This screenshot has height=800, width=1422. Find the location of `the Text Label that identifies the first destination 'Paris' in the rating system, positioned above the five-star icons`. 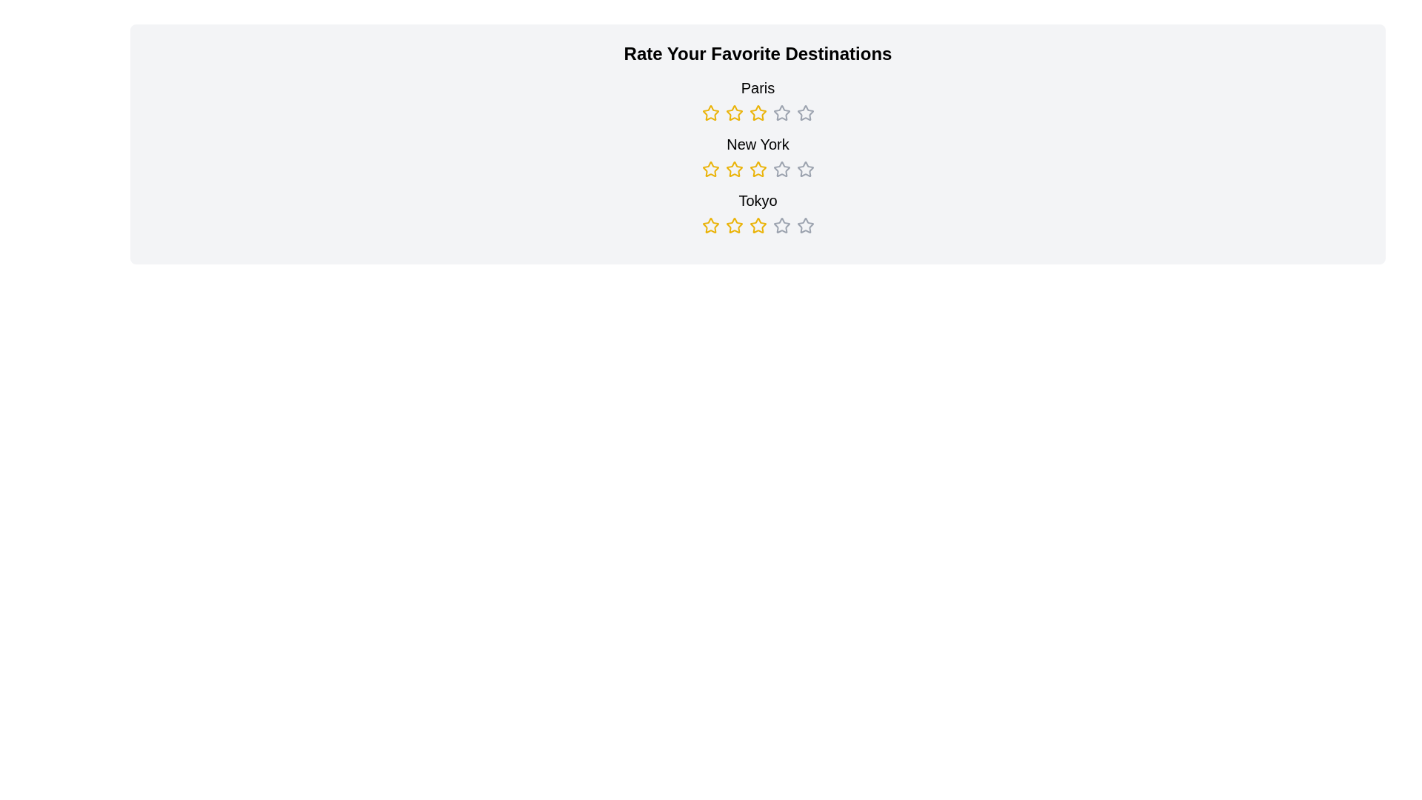

the Text Label that identifies the first destination 'Paris' in the rating system, positioned above the five-star icons is located at coordinates (758, 88).